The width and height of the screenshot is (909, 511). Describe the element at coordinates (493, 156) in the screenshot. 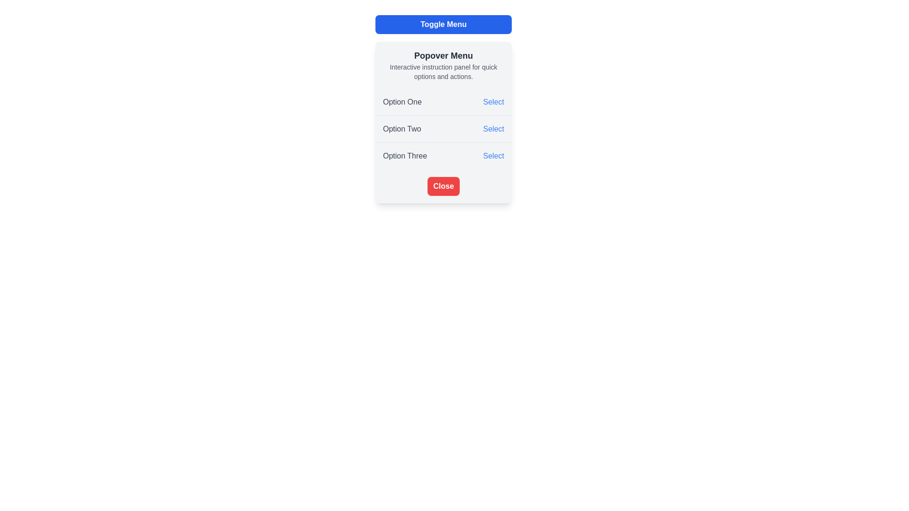

I see `the Button-like hyperlink labeled 'Option Three' located on the right side of the row in the 'Popover Menu' dialog` at that location.